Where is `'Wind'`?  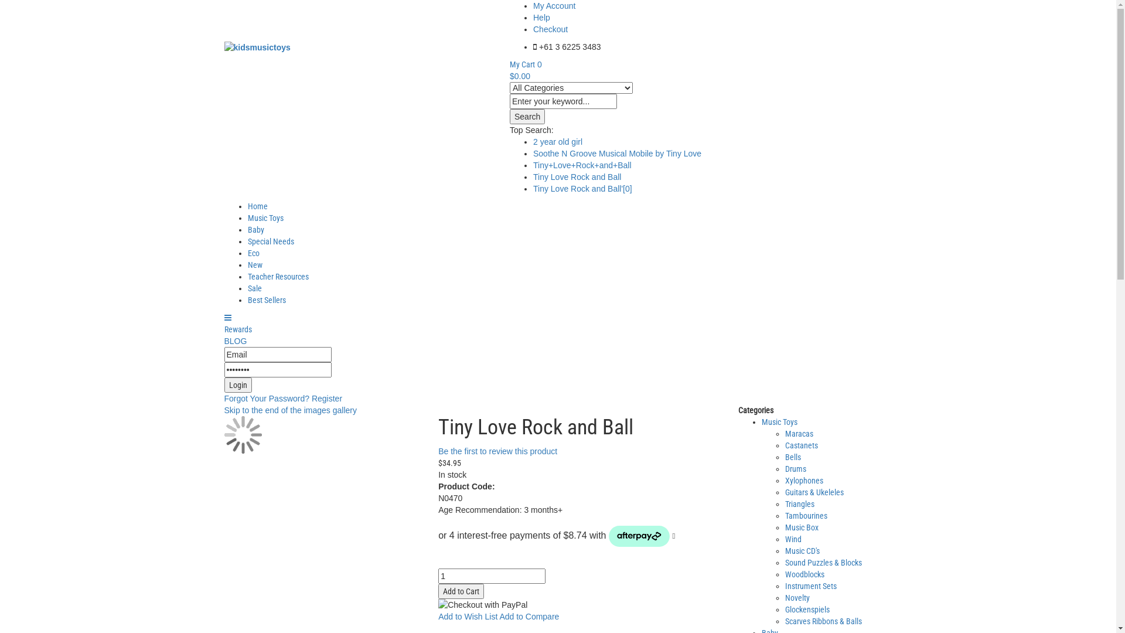
'Wind' is located at coordinates (793, 539).